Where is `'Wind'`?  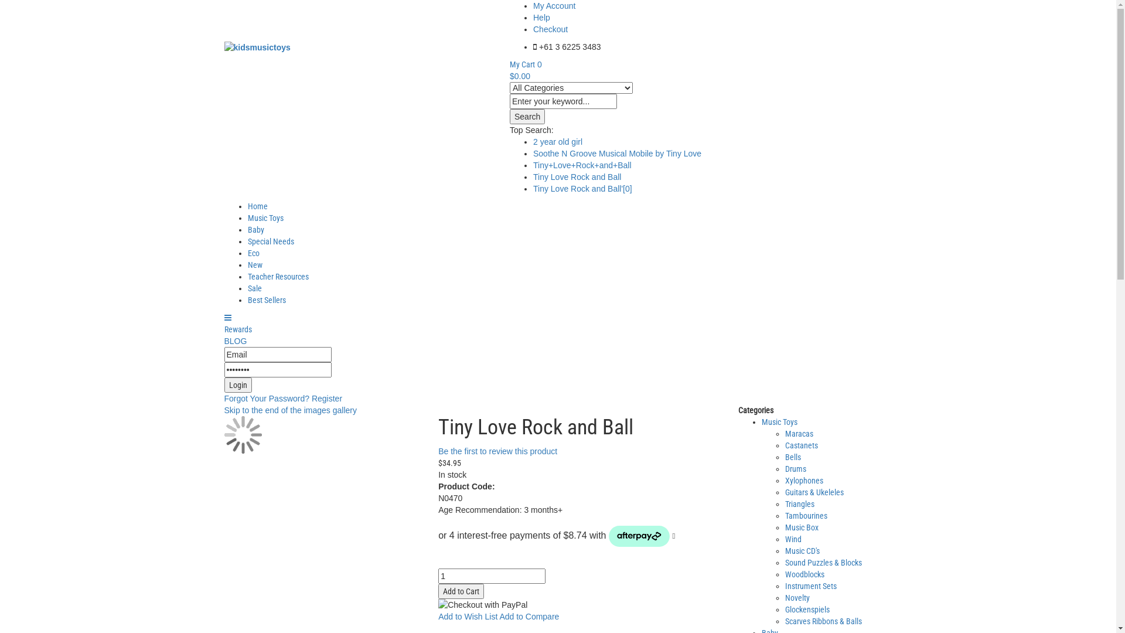
'Wind' is located at coordinates (793, 539).